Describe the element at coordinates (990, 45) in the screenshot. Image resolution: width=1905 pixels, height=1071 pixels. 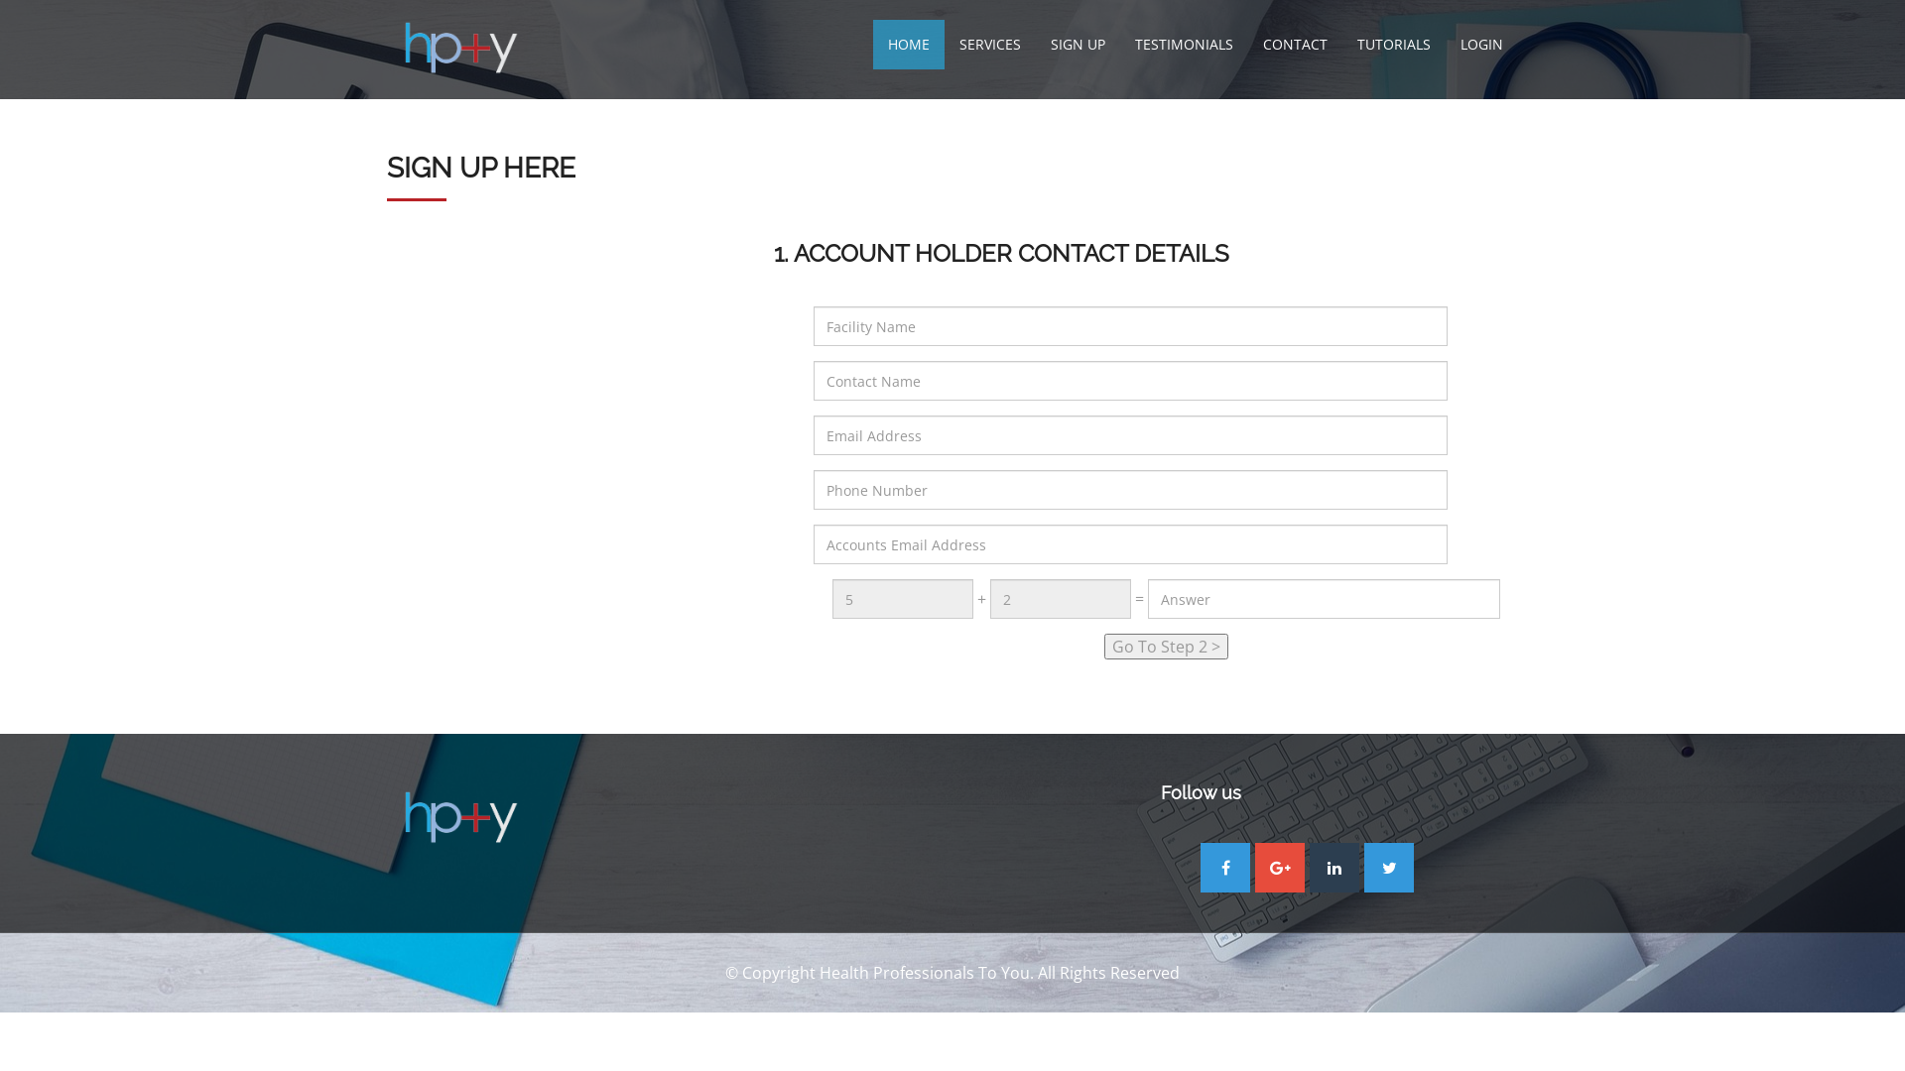
I see `'SERVICES'` at that location.